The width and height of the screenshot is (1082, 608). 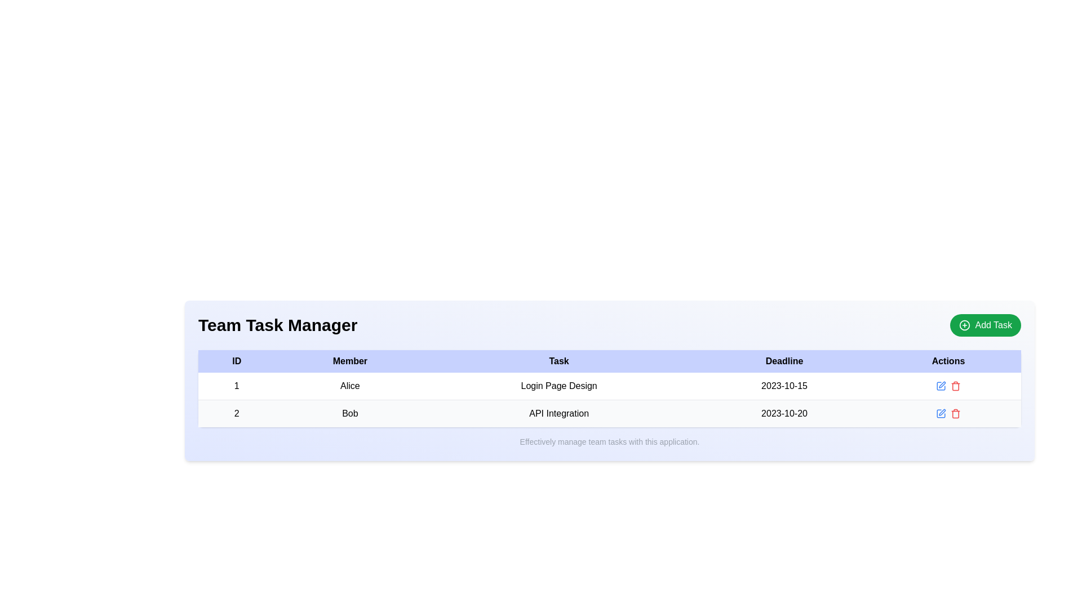 I want to click on the trash icon, so click(x=955, y=386).